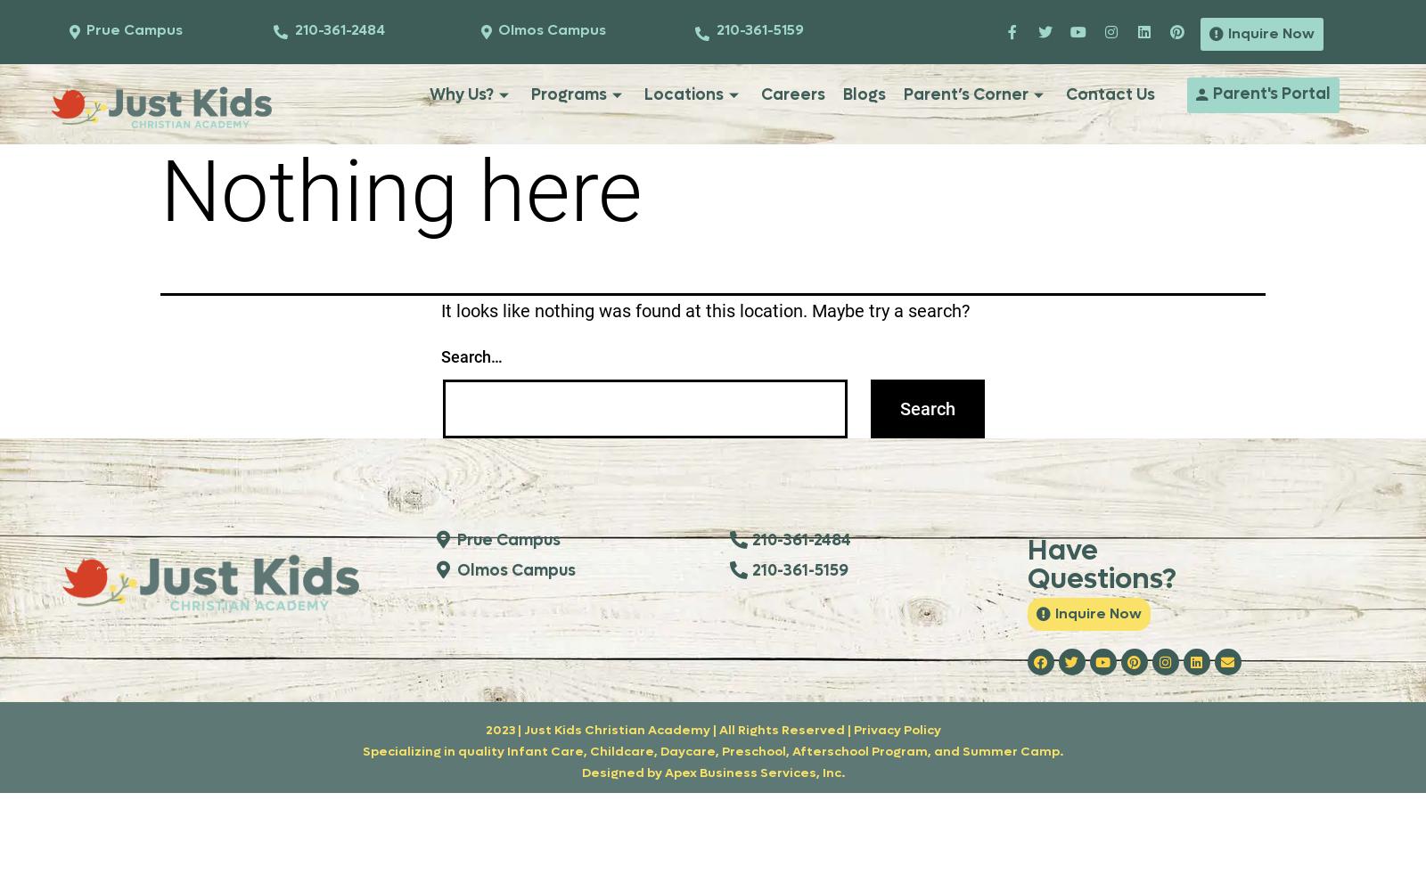  Describe the element at coordinates (1108, 94) in the screenshot. I see `'Contact Us'` at that location.